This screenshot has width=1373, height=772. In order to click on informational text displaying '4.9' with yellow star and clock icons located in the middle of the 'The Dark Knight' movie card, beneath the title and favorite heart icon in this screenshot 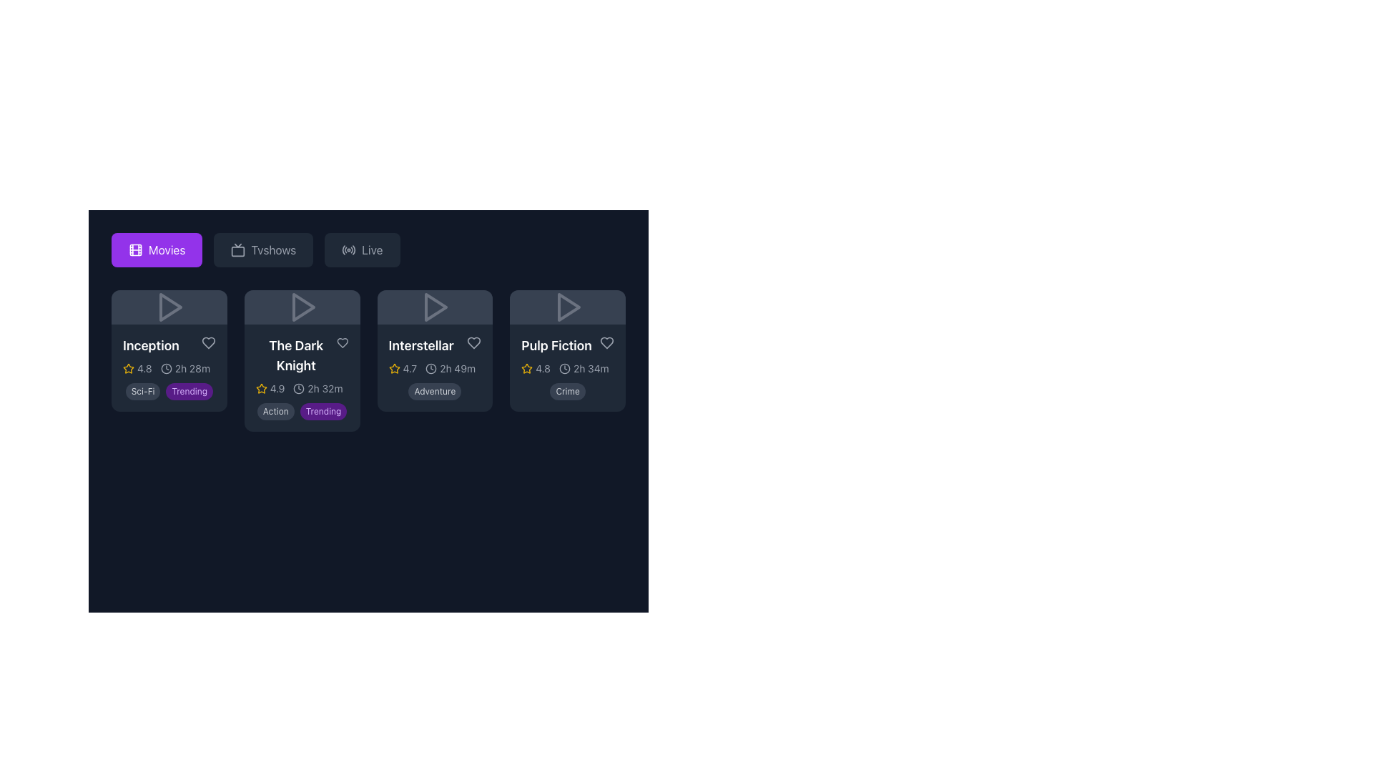, I will do `click(301, 388)`.